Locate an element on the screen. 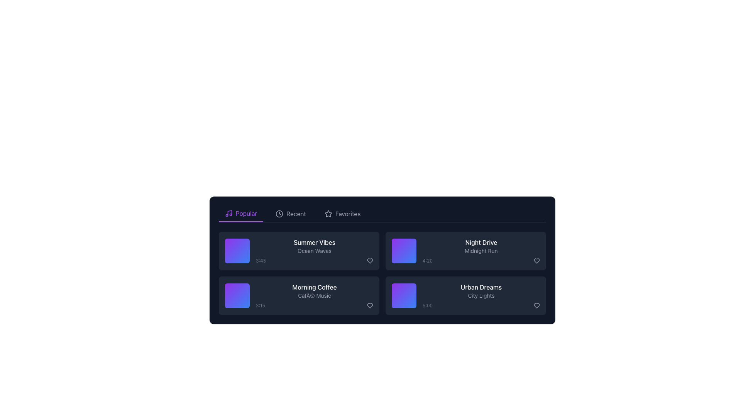  text of the 'Recent' navigation option located in the central part of the navigation bar, positioned between 'Popular' and 'Favorites' is located at coordinates (296, 214).